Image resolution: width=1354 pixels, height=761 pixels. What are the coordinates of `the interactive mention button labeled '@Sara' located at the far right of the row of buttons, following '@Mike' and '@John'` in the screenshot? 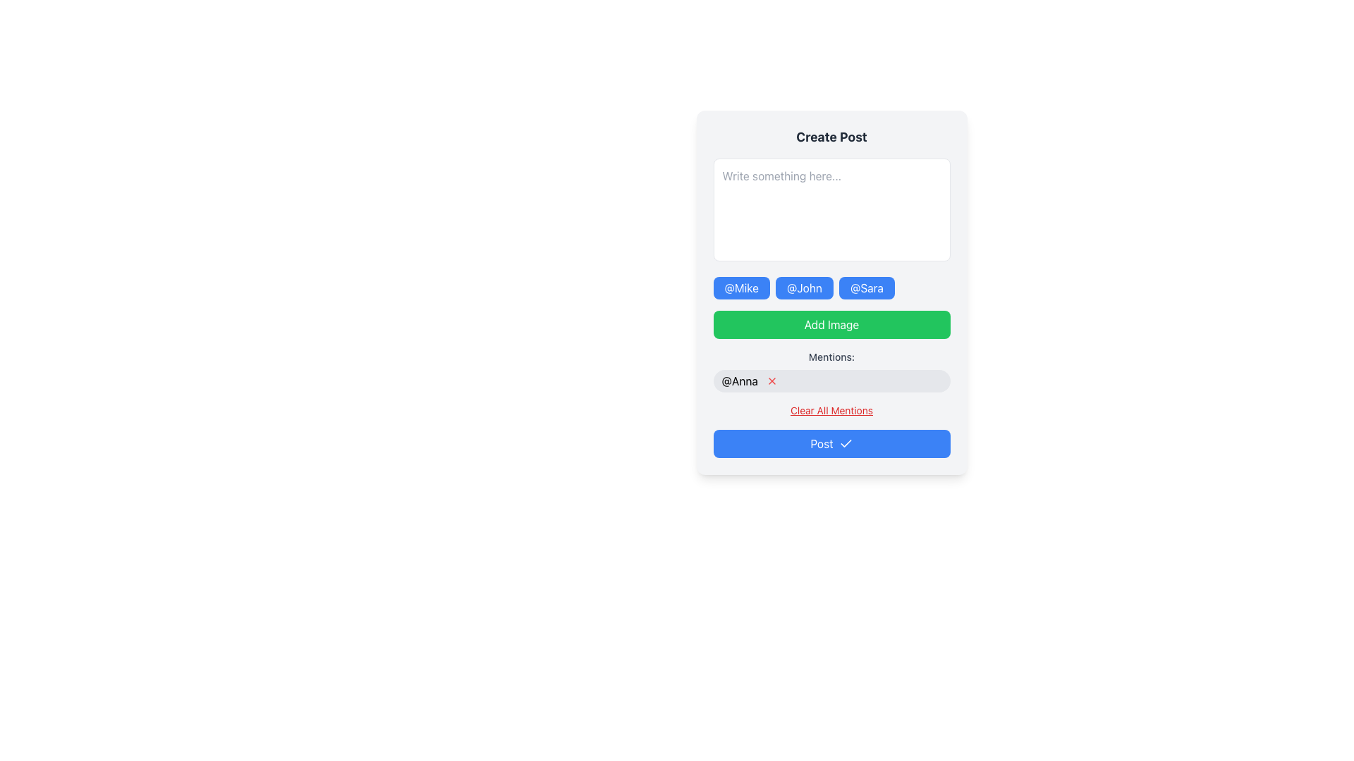 It's located at (865, 287).